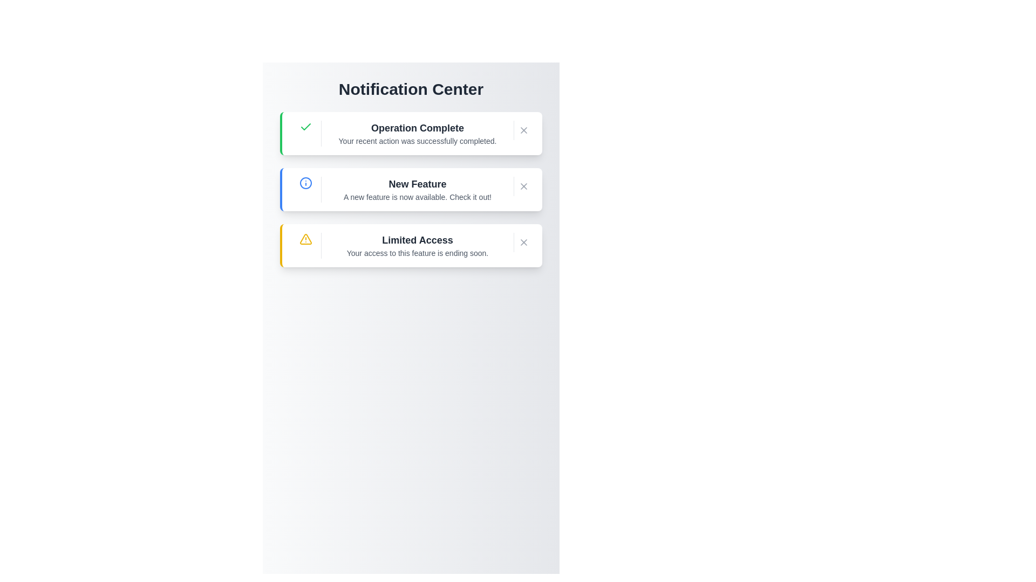 This screenshot has width=1036, height=582. I want to click on the green checkmark icon representing a confirmation indicator within the first notification card labeled 'Operation Complete' for further operations, so click(305, 126).